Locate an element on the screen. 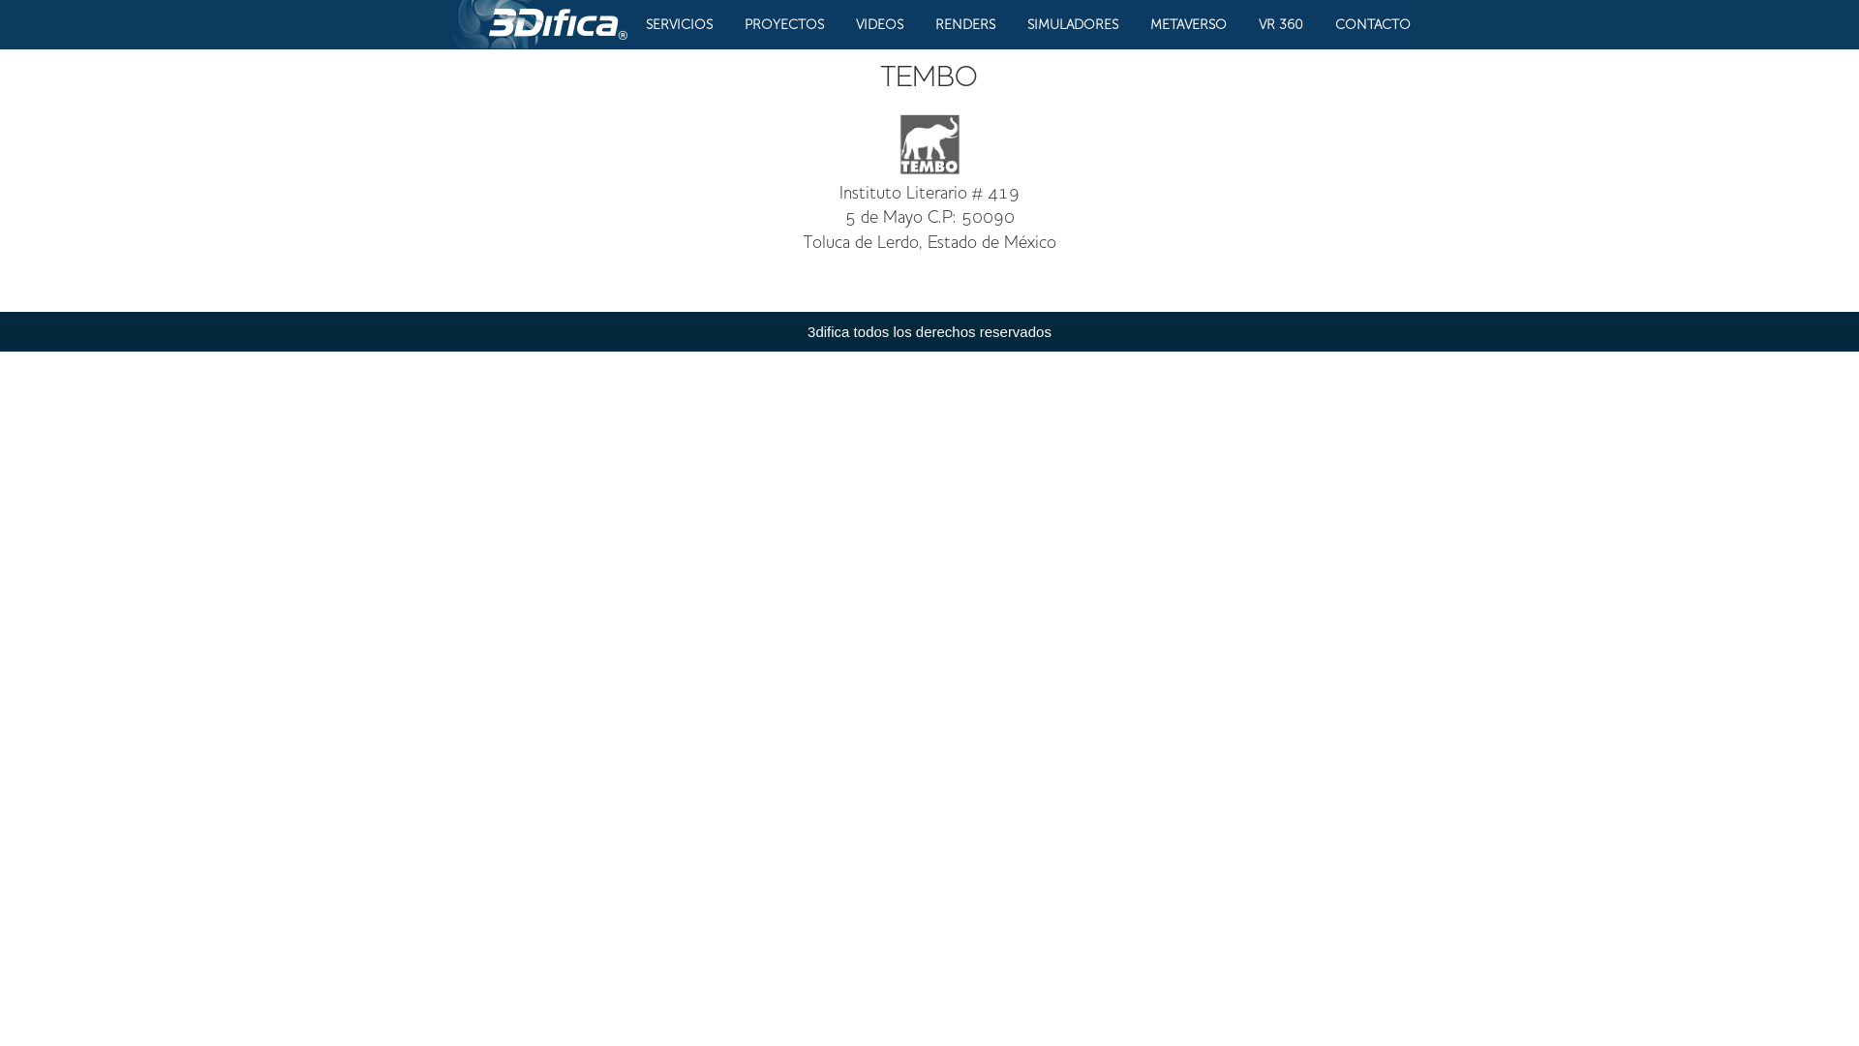 The width and height of the screenshot is (1859, 1046). 'SERVICIOS' is located at coordinates (679, 25).